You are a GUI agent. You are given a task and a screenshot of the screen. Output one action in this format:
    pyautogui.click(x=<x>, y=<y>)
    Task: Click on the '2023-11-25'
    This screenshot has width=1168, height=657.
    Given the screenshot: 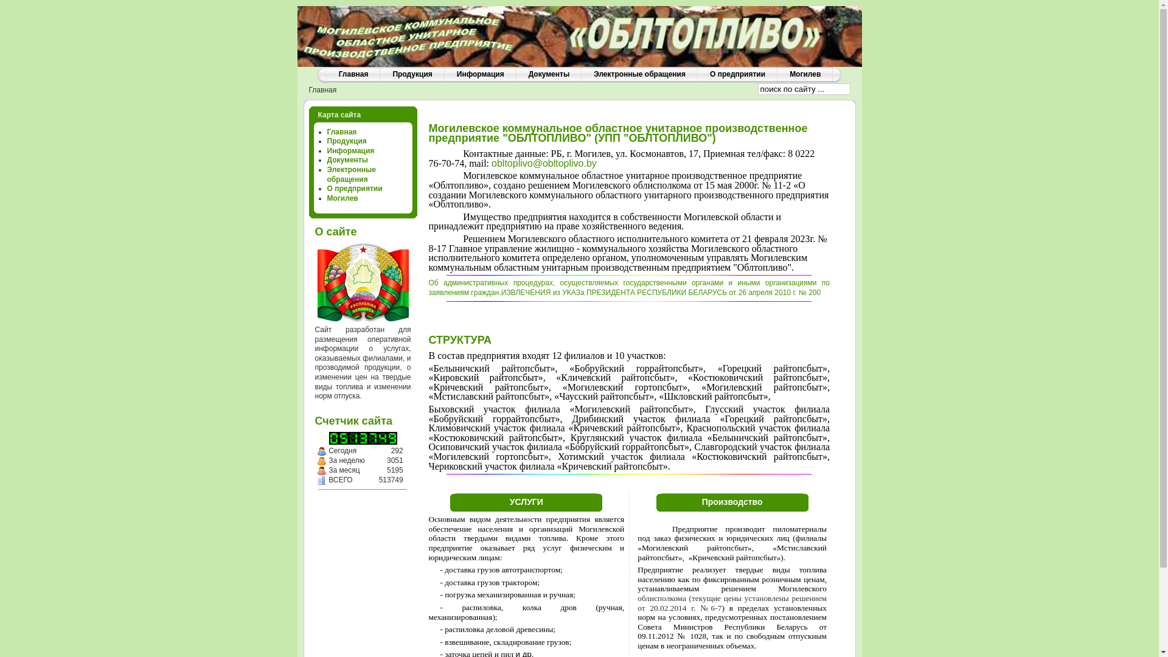 What is the action you would take?
    pyautogui.click(x=321, y=451)
    